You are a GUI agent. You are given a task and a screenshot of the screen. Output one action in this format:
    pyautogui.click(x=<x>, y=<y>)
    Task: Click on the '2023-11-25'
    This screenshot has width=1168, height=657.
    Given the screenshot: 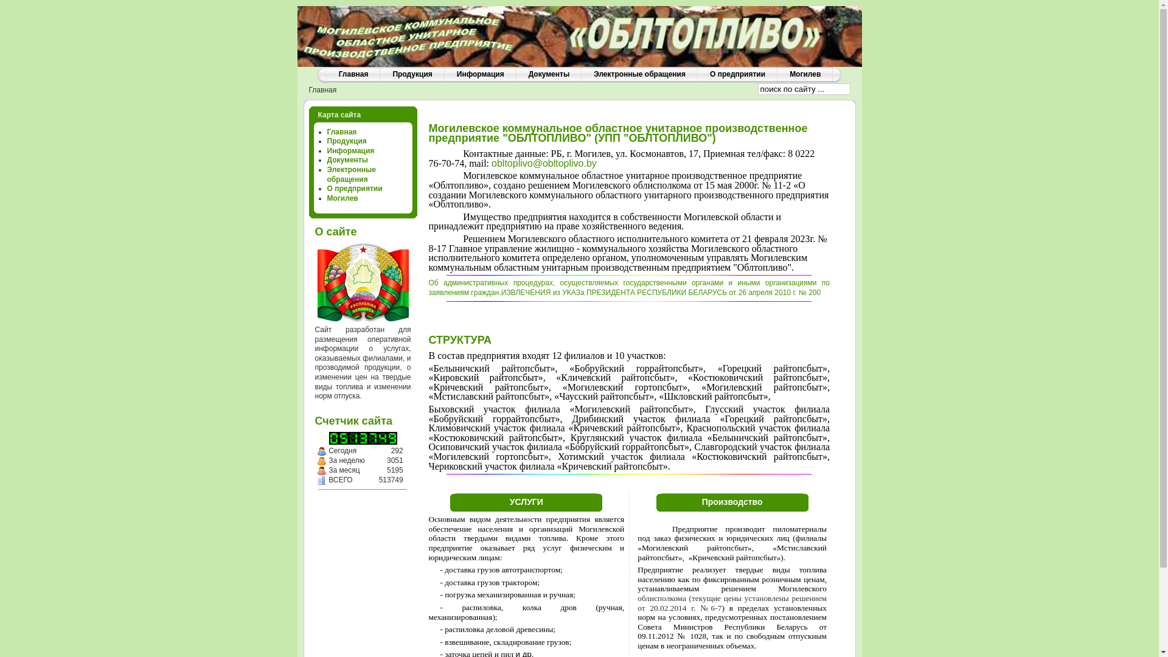 What is the action you would take?
    pyautogui.click(x=321, y=451)
    